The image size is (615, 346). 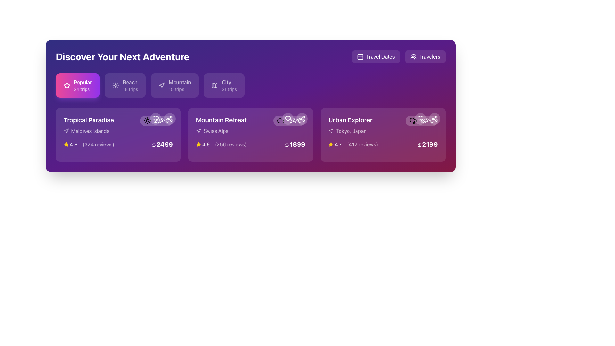 I want to click on the icon group at the top-right corner of the 'Mountain Retreat' card, so click(x=295, y=119).